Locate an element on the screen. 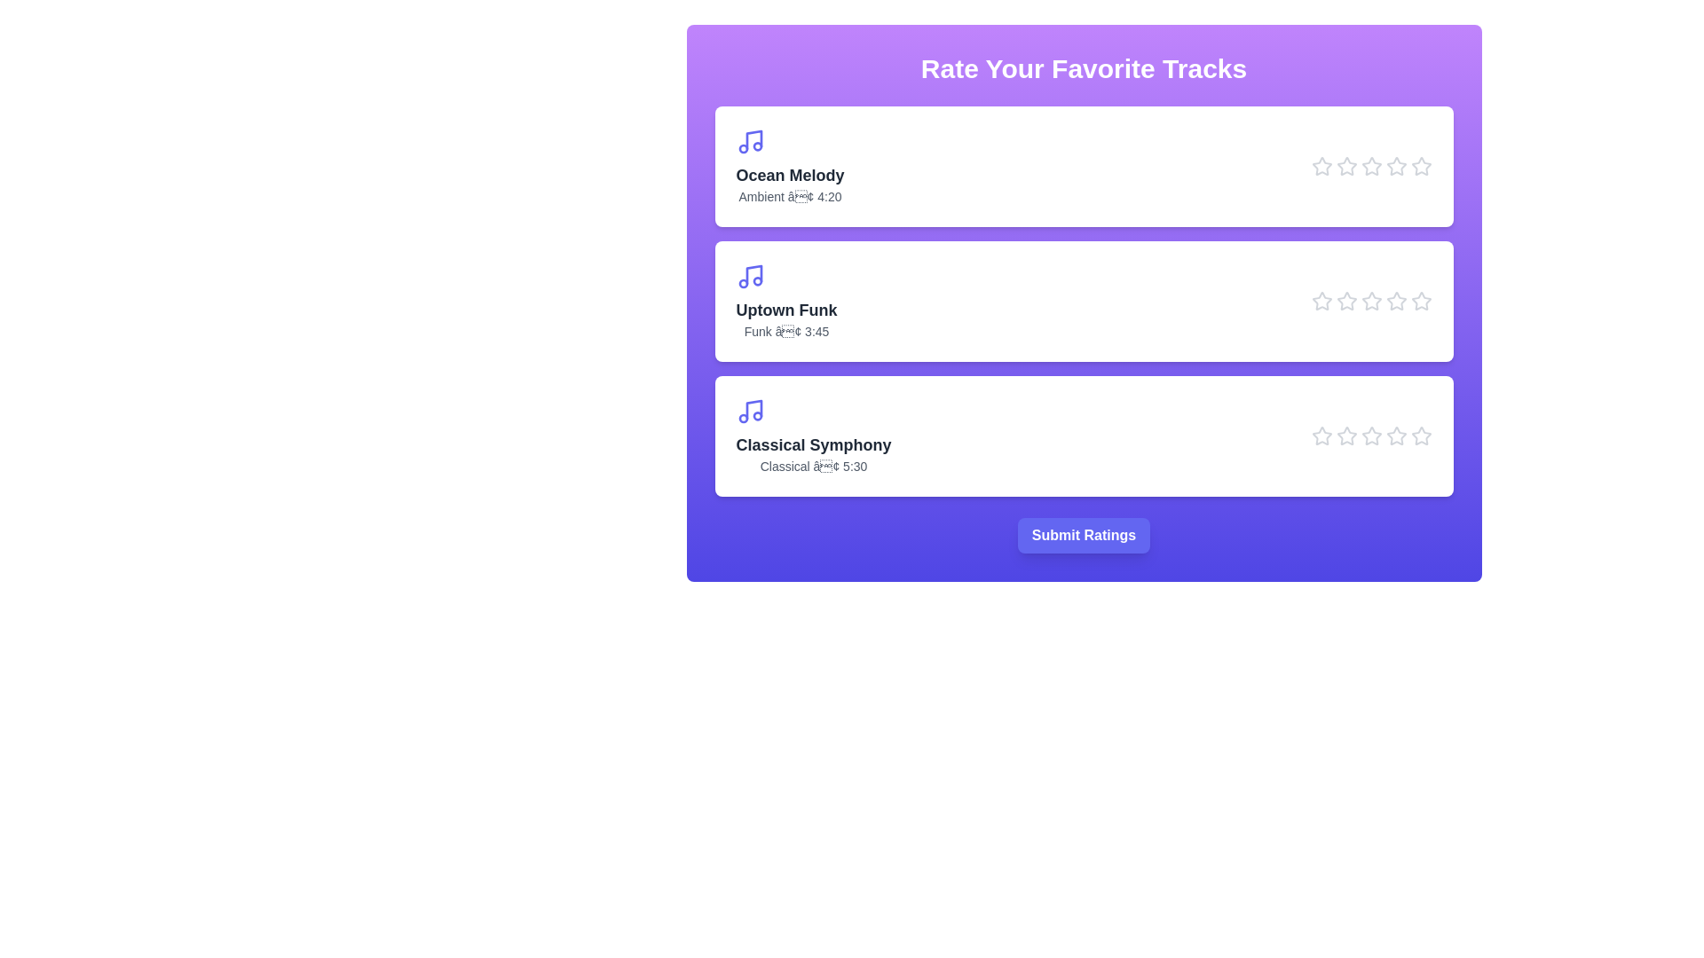 The image size is (1704, 958). the star icon corresponding to Classical Symphony at 3 stars to preview the rating is located at coordinates (1370, 436).